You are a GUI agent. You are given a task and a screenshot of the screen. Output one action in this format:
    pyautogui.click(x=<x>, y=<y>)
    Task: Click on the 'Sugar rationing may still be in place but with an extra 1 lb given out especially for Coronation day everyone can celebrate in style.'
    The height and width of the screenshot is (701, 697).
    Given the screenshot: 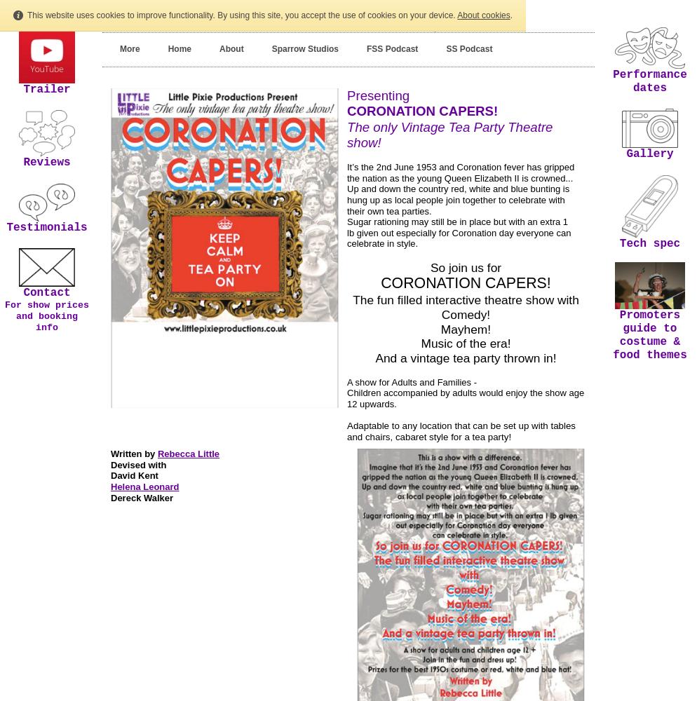 What is the action you would take?
    pyautogui.click(x=459, y=232)
    